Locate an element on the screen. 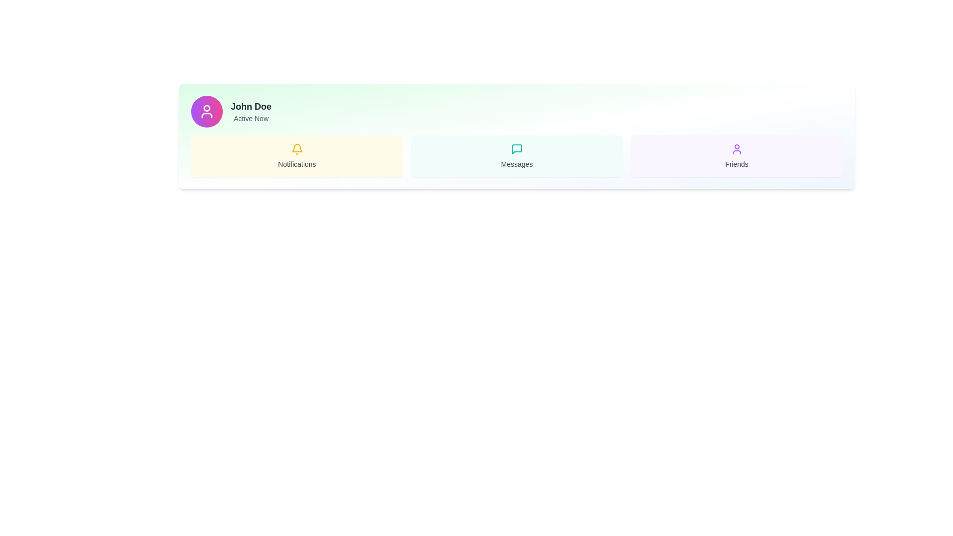  the user's name and current status displayed in the text area adjacent is located at coordinates (251, 111).